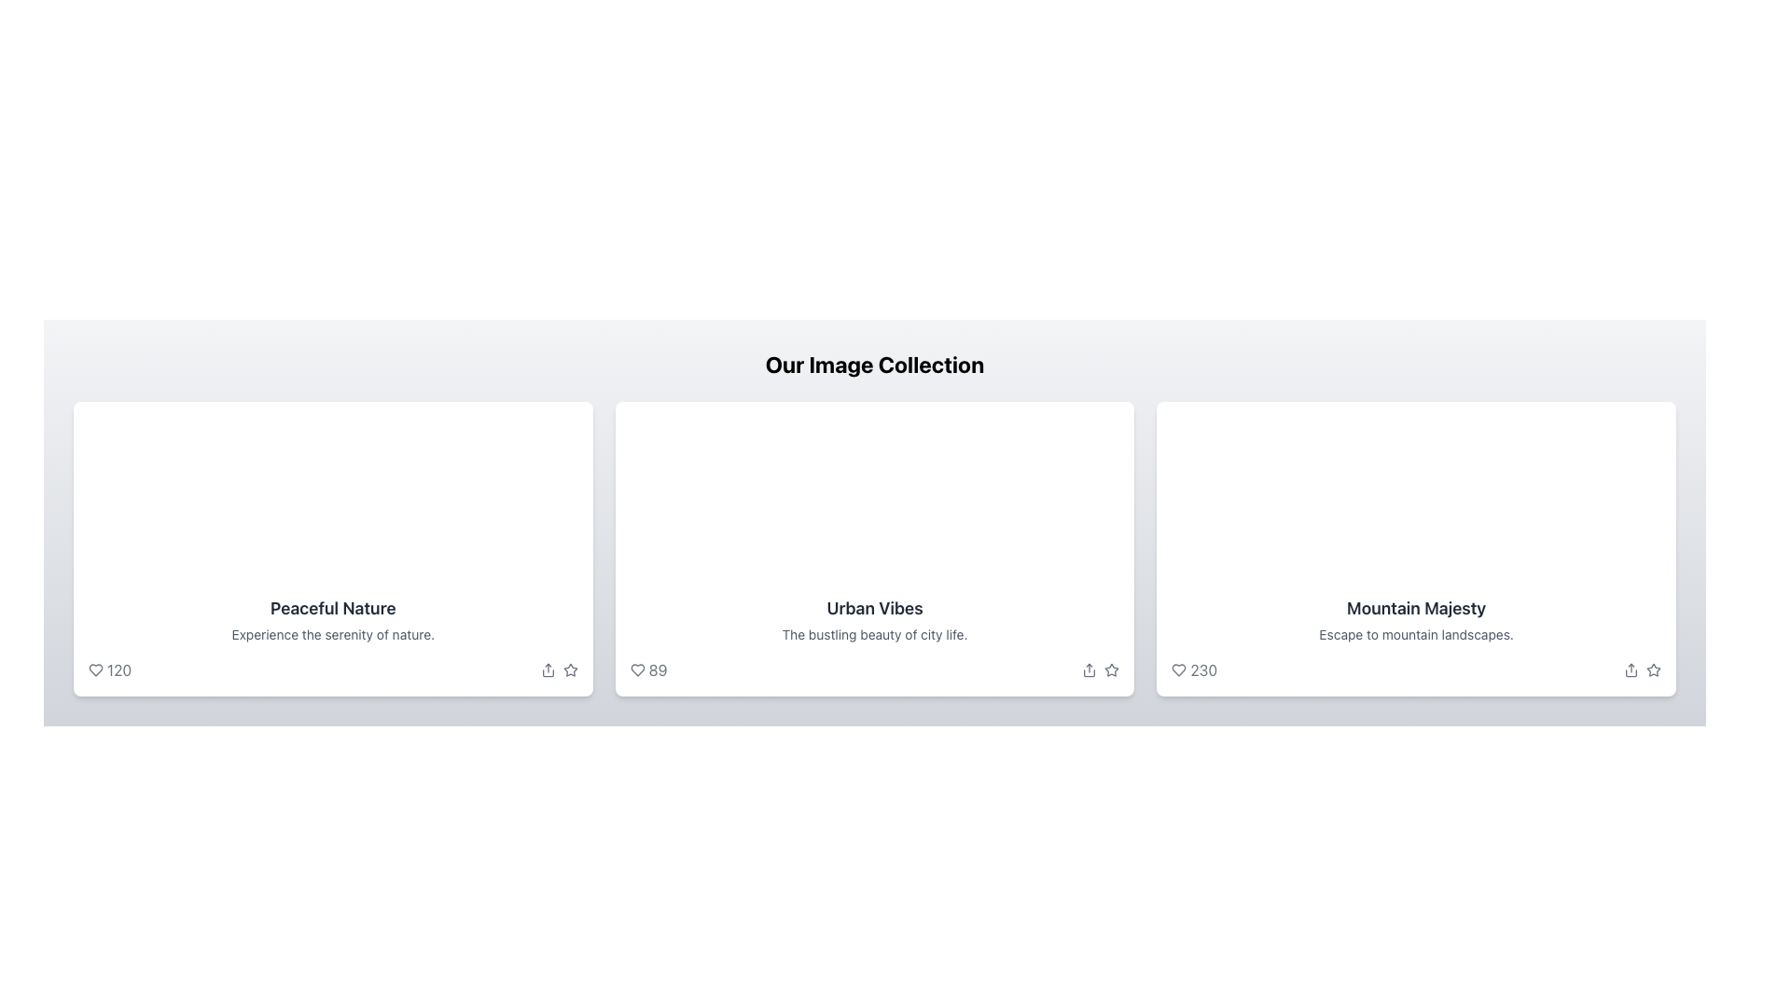 The width and height of the screenshot is (1791, 1007). Describe the element at coordinates (1630, 669) in the screenshot. I see `the share icon located at the bottom right corner of the 'Mountain Majesty' image card` at that location.